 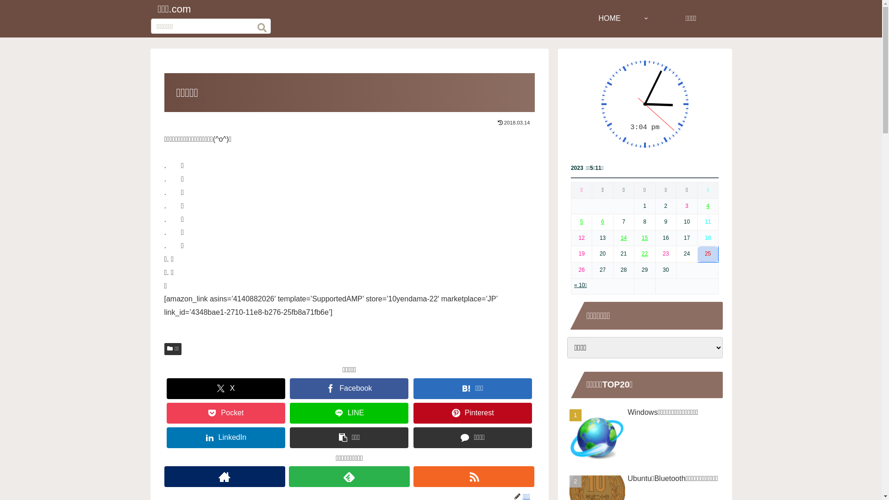 What do you see at coordinates (226, 412) in the screenshot?
I see `'Pocket'` at bounding box center [226, 412].